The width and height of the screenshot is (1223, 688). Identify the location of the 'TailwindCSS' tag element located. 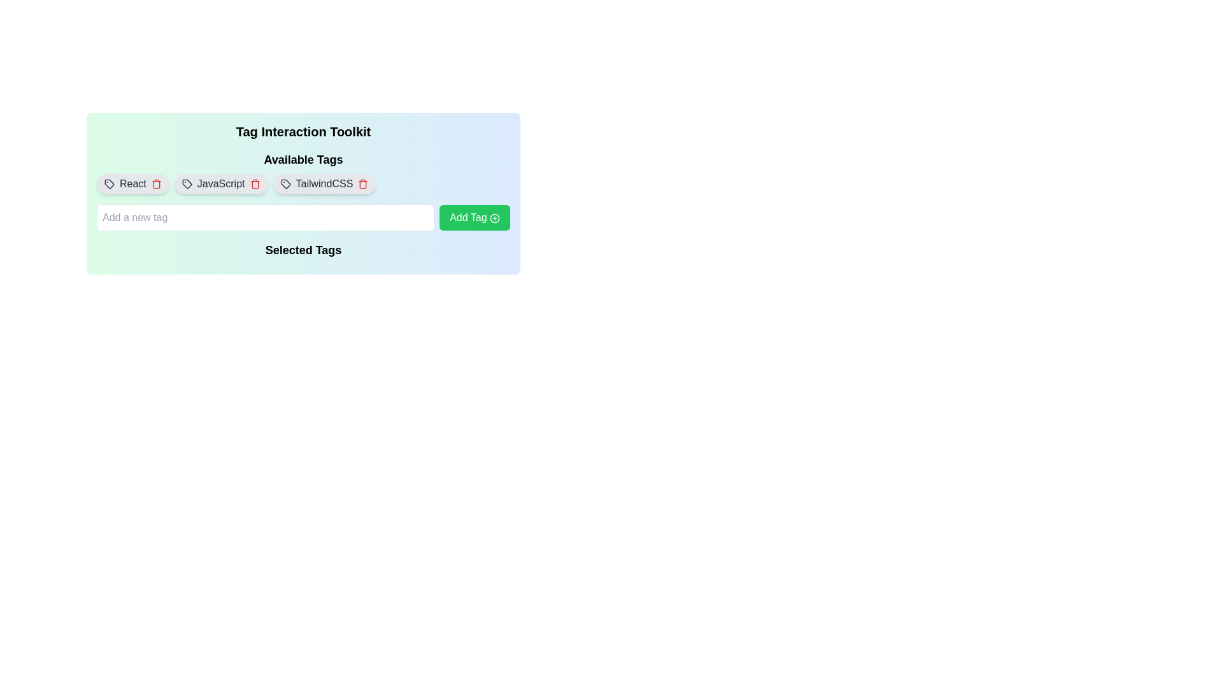
(324, 184).